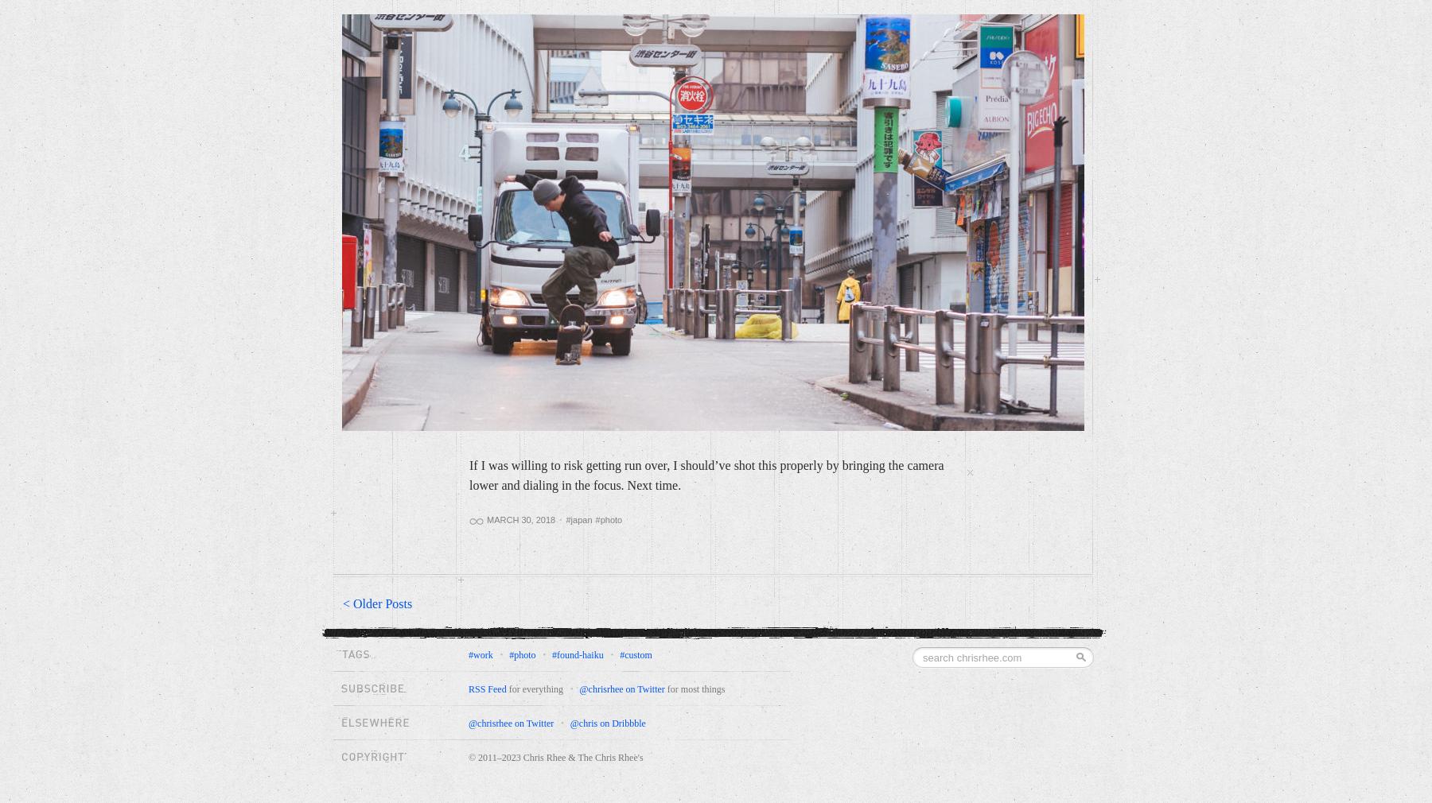 Image resolution: width=1432 pixels, height=803 pixels. What do you see at coordinates (481, 654) in the screenshot?
I see `'#work'` at bounding box center [481, 654].